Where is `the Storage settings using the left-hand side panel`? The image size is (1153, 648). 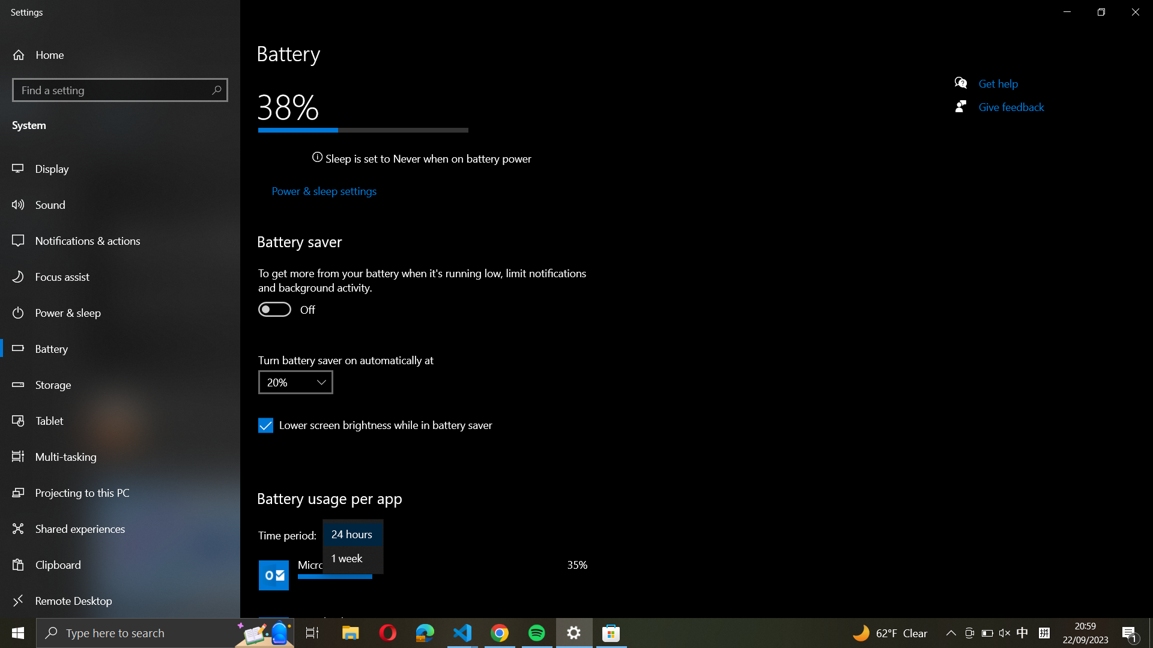 the Storage settings using the left-hand side panel is located at coordinates (121, 386).